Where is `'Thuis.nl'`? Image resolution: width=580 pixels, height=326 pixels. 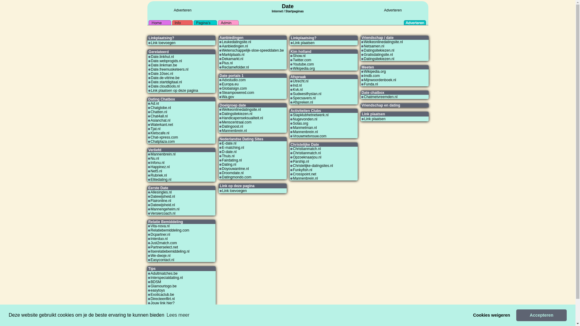 'Thuis.nl' is located at coordinates (221, 155).